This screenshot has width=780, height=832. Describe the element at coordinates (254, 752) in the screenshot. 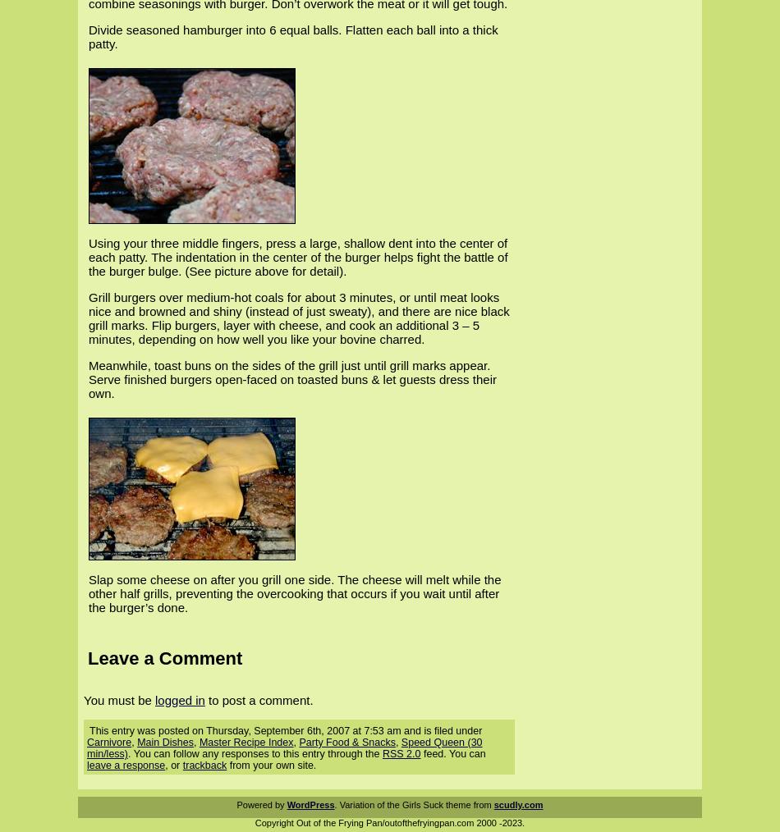

I see `'.
								You can follow any responses to this entry through the'` at that location.